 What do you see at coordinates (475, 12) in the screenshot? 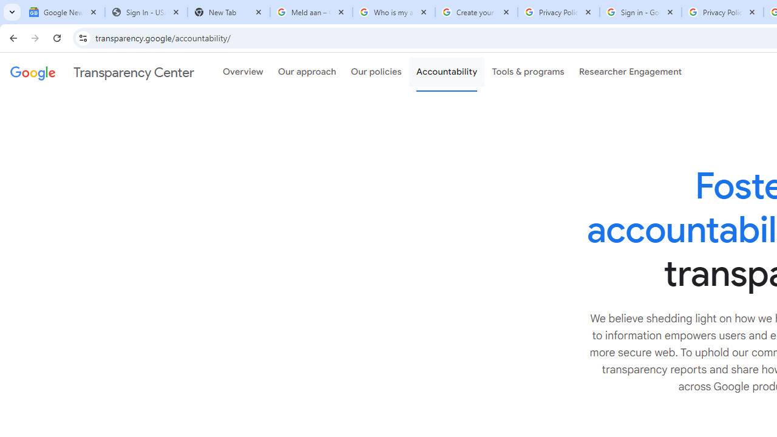
I see `'Create your Google Account'` at bounding box center [475, 12].